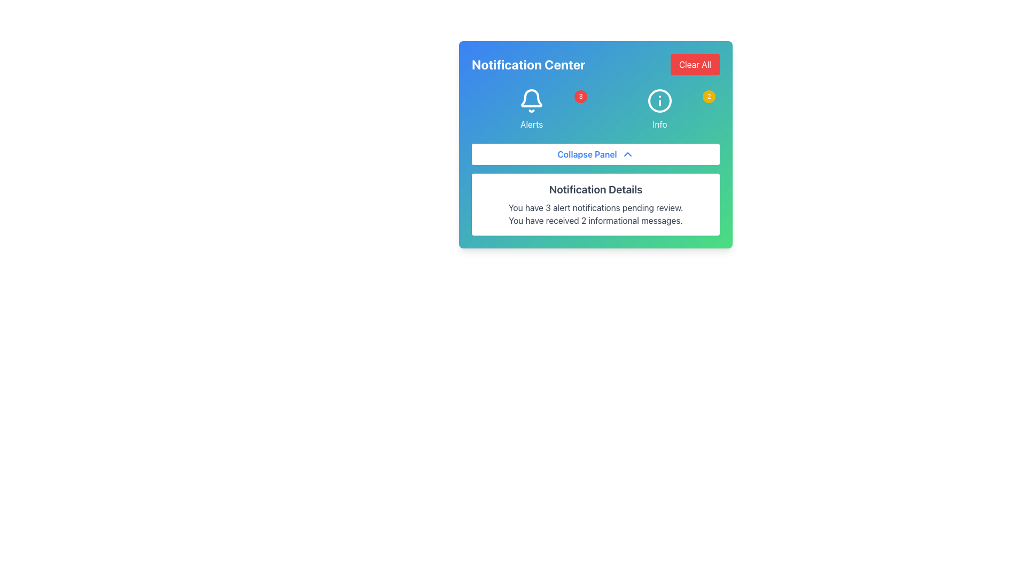  Describe the element at coordinates (595, 220) in the screenshot. I see `text displayed in the notification summary about the receipt of 2 informational messages, located in the Notification Center below the alert notifications pending review` at that location.